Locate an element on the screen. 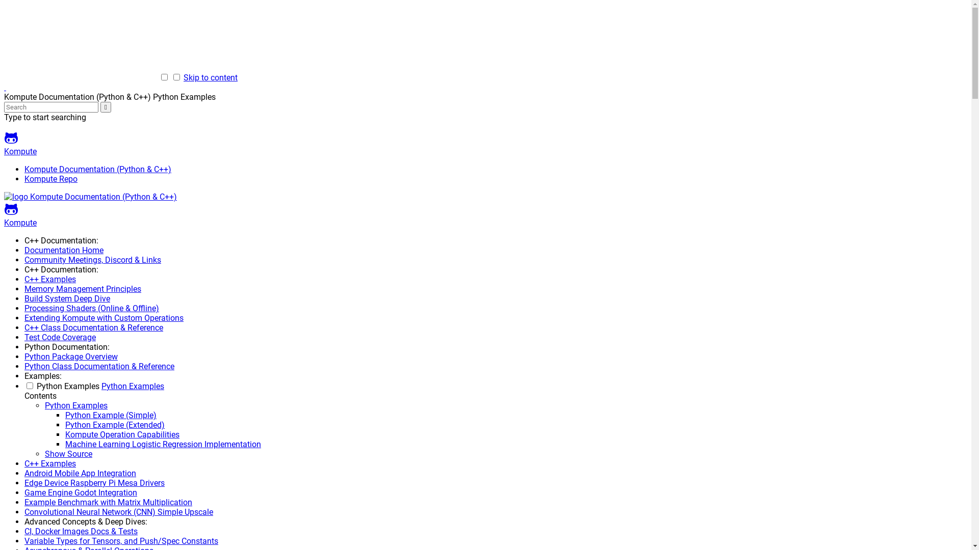  'Test Code Coverage' is located at coordinates (60, 337).